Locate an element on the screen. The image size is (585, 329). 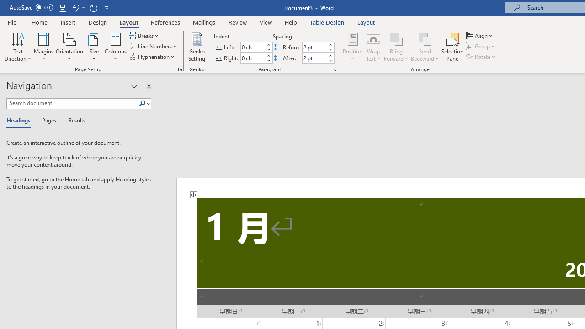
'Genko Setting...' is located at coordinates (196, 47).